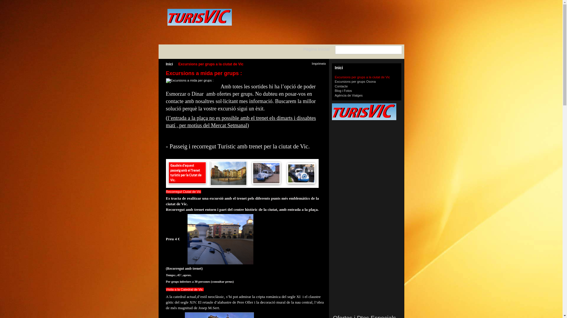  I want to click on 'Inici', so click(332, 68).